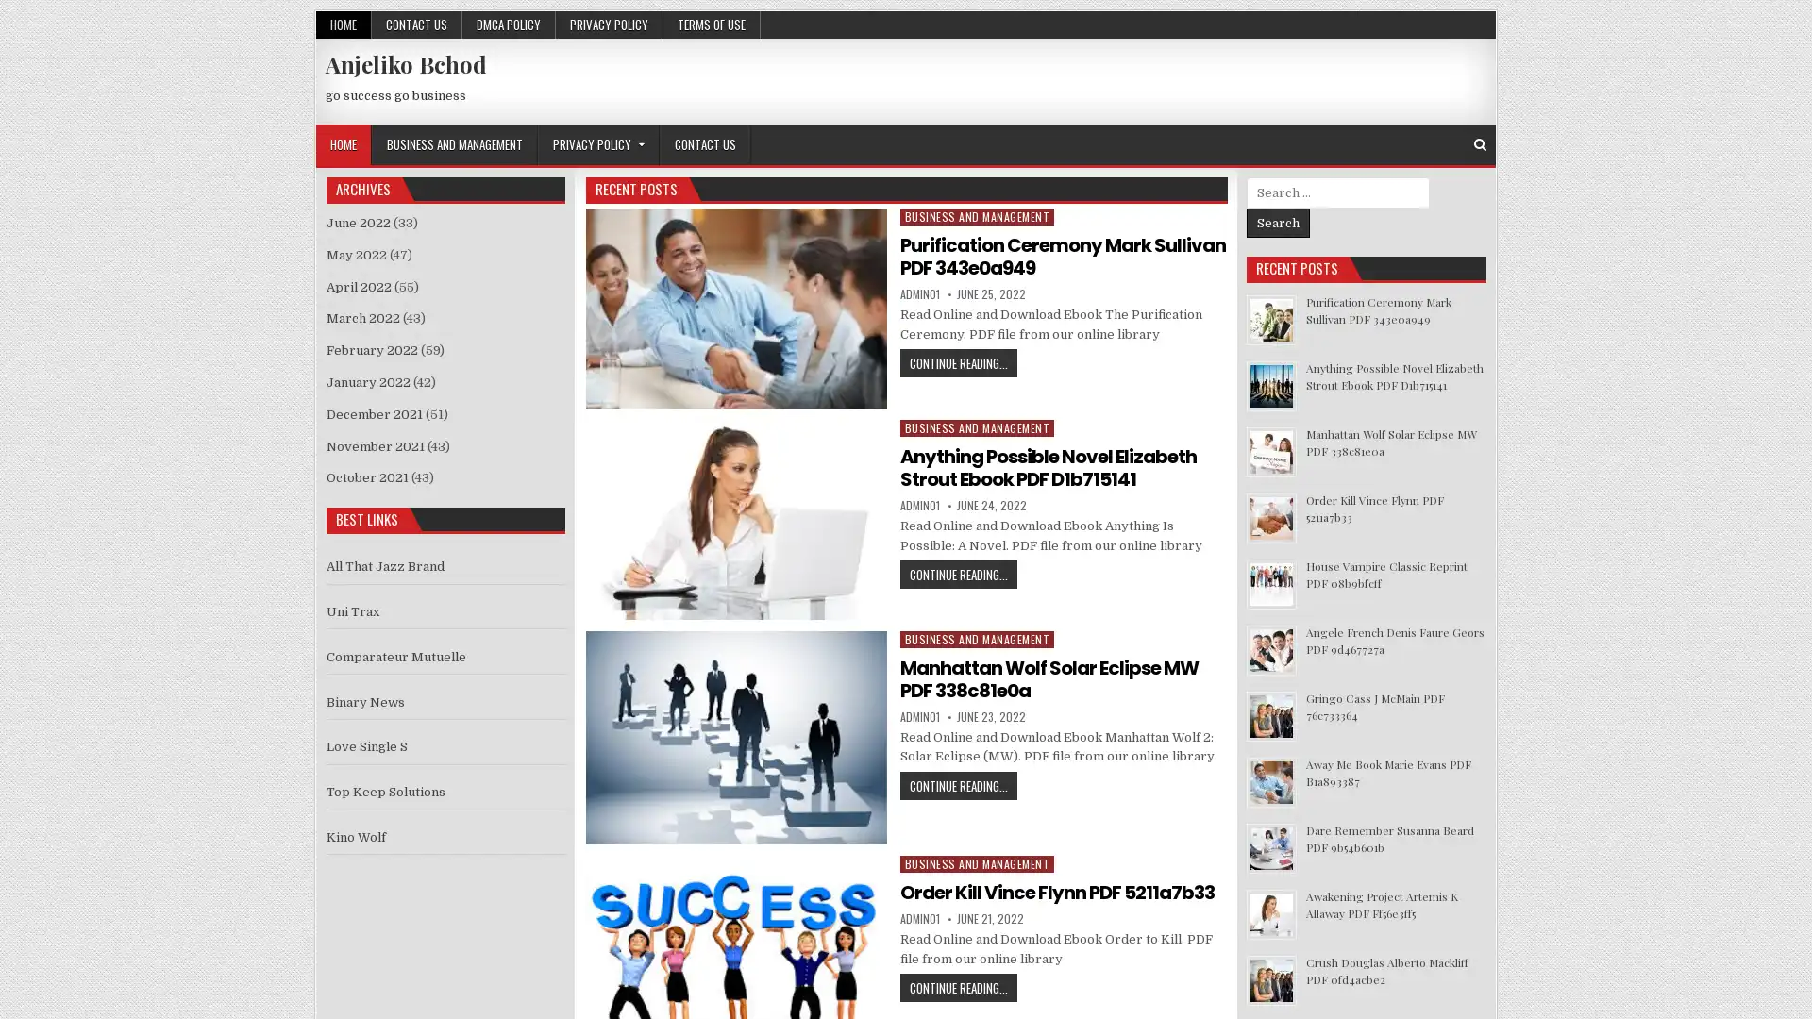 This screenshot has height=1019, width=1812. Describe the element at coordinates (1278, 222) in the screenshot. I see `Search` at that location.